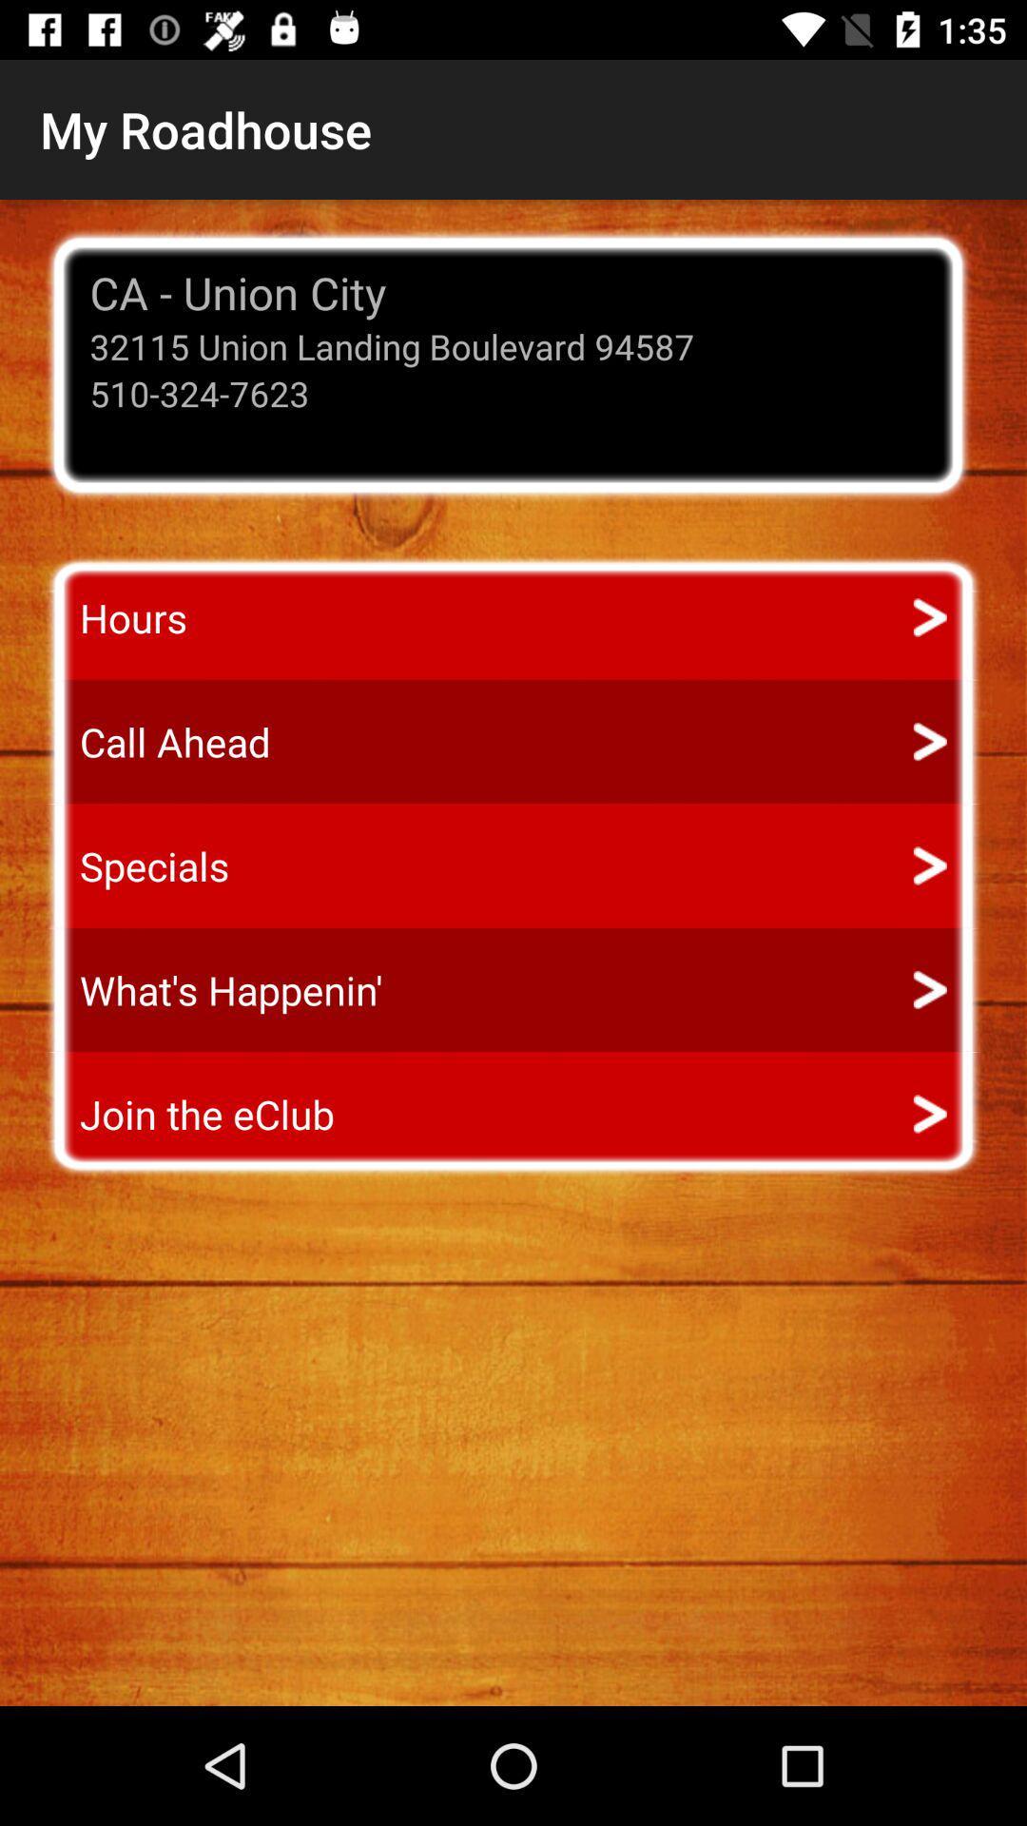 This screenshot has height=1826, width=1027. I want to click on icon below the what's happenin' app, so click(189, 1114).